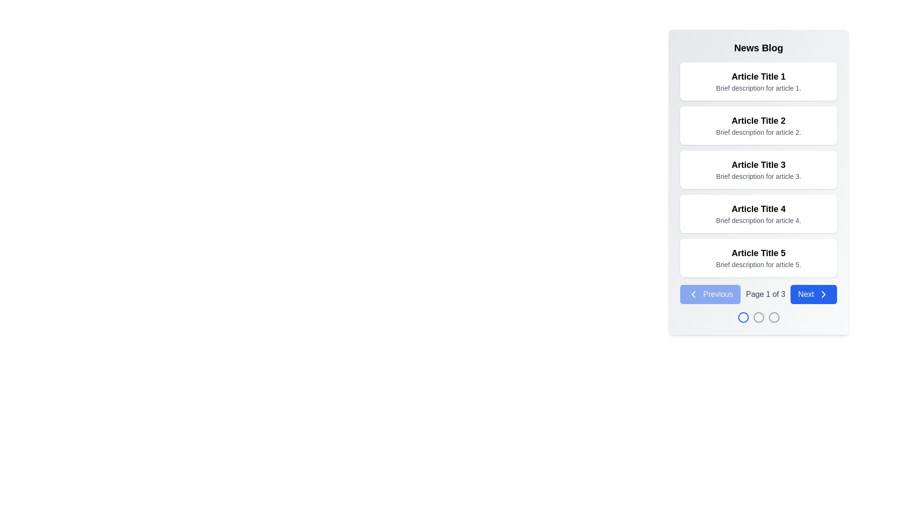  What do you see at coordinates (823, 294) in the screenshot?
I see `the chevron icon within the 'Next' button` at bounding box center [823, 294].